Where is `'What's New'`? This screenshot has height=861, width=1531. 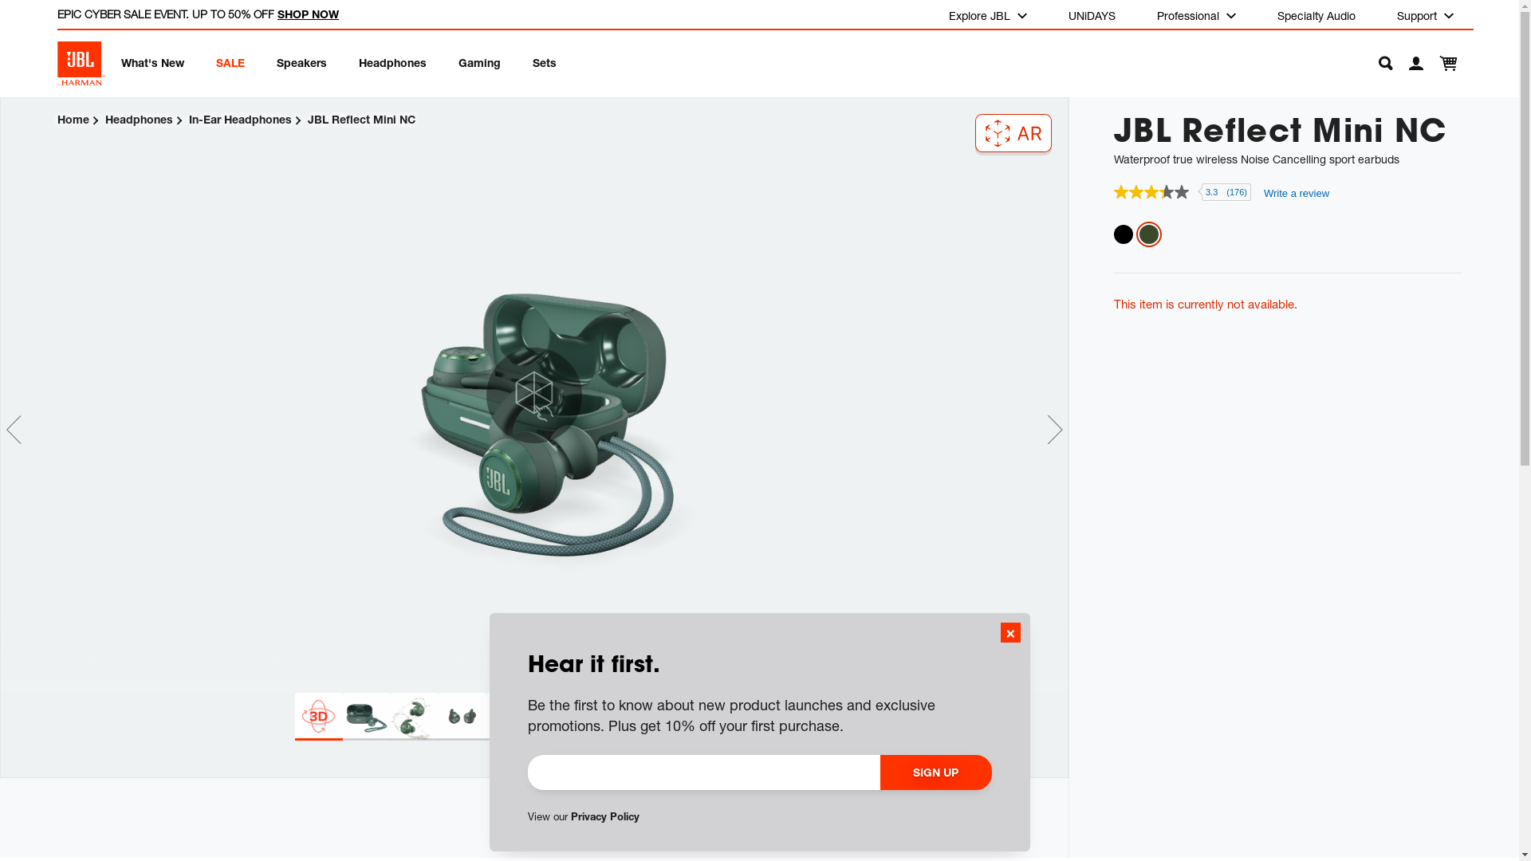
'What's New' is located at coordinates (152, 61).